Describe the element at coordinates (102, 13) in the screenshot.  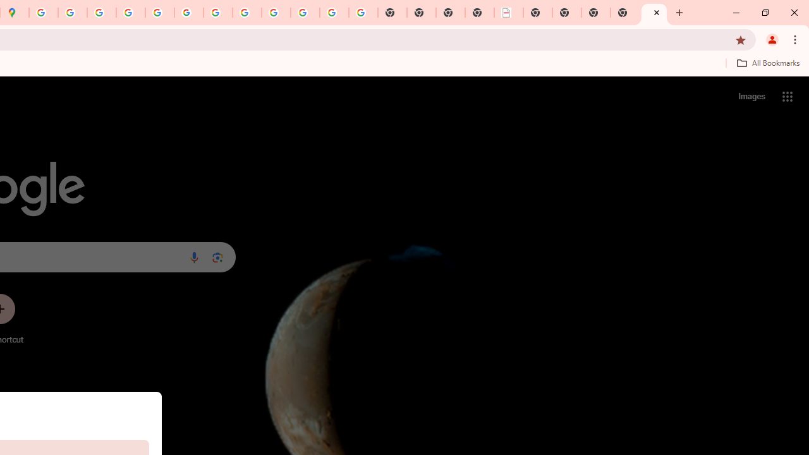
I see `'Privacy Help Center - Policies Help'` at that location.